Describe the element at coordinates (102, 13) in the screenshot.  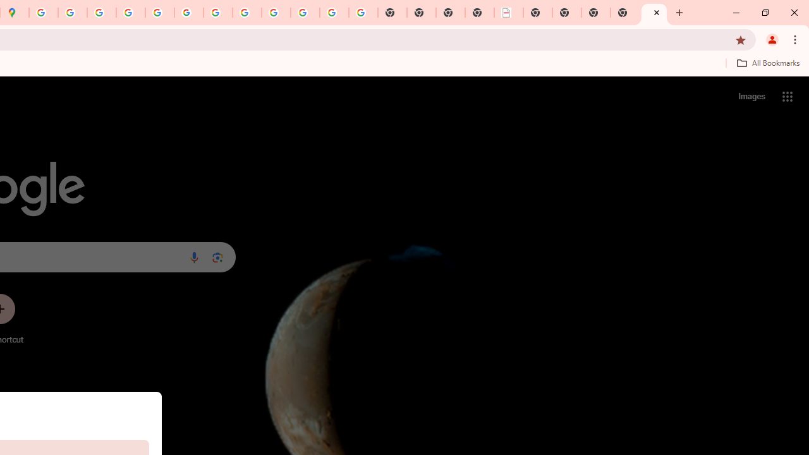
I see `'Privacy Help Center - Policies Help'` at that location.